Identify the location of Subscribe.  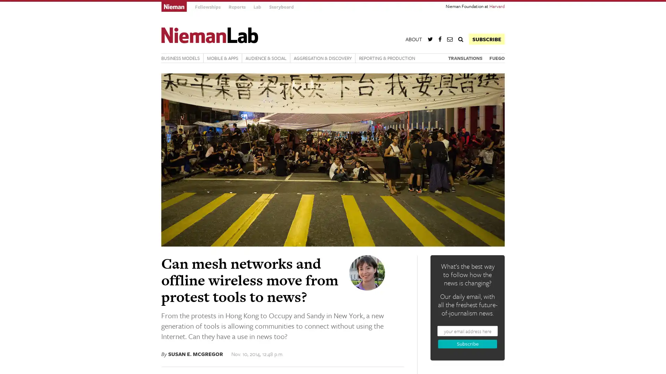
(468, 344).